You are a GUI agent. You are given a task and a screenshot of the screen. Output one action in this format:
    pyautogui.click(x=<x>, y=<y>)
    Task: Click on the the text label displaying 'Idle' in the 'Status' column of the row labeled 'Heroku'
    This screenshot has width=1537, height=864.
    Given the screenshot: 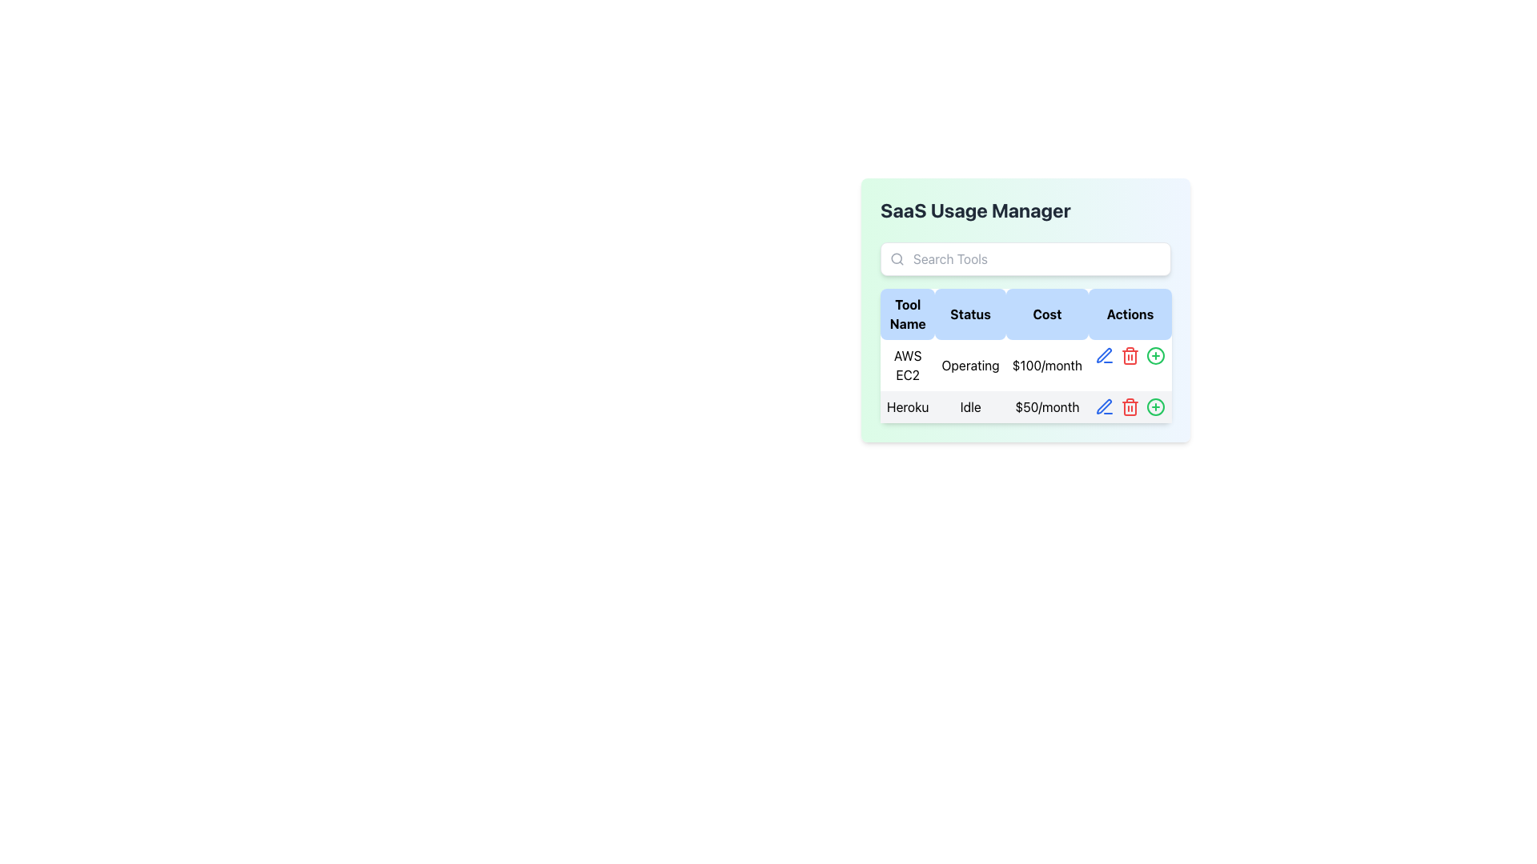 What is the action you would take?
    pyautogui.click(x=969, y=406)
    